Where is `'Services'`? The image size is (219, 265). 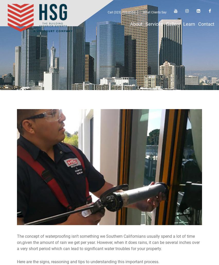 'Services' is located at coordinates (145, 24).